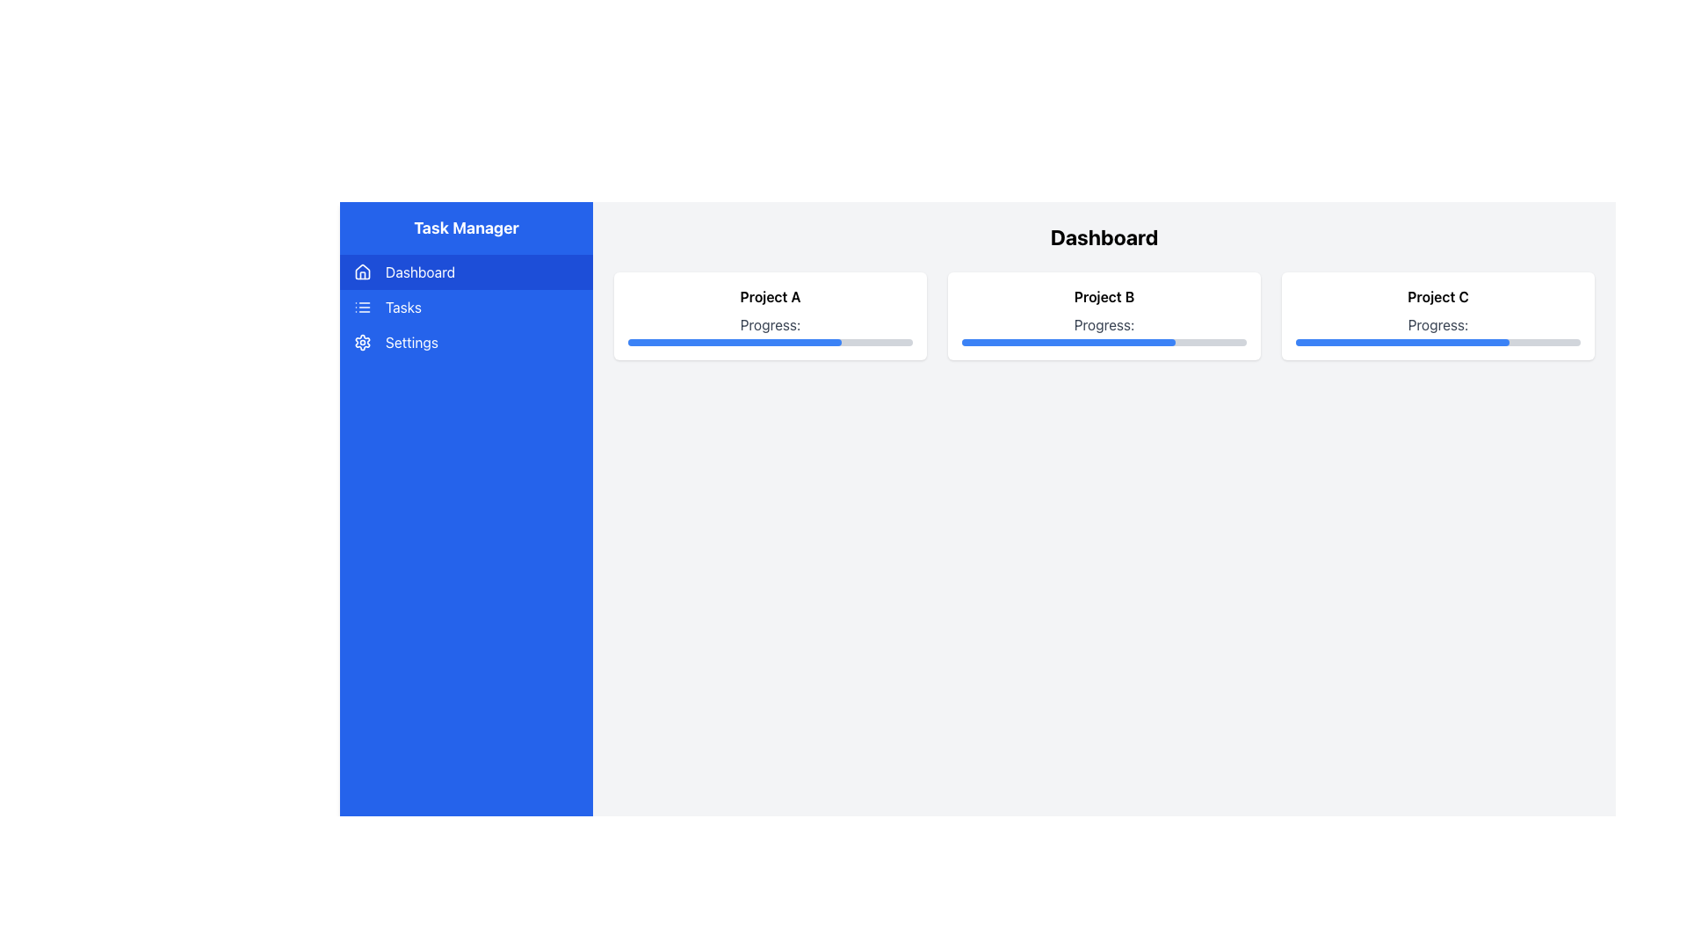  I want to click on text of the header label indicating the project title located at the top of the second card in a three-card layout, so click(1104, 296).